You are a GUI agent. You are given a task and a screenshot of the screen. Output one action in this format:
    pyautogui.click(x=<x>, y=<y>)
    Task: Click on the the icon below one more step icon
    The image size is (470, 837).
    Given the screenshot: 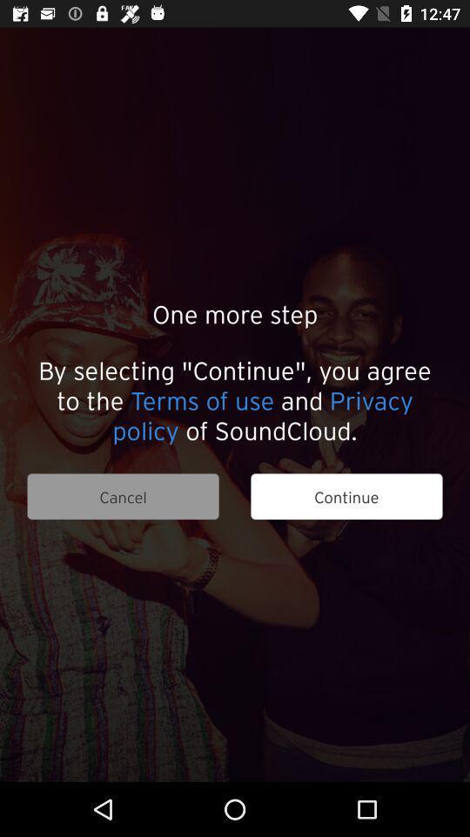 What is the action you would take?
    pyautogui.click(x=235, y=399)
    